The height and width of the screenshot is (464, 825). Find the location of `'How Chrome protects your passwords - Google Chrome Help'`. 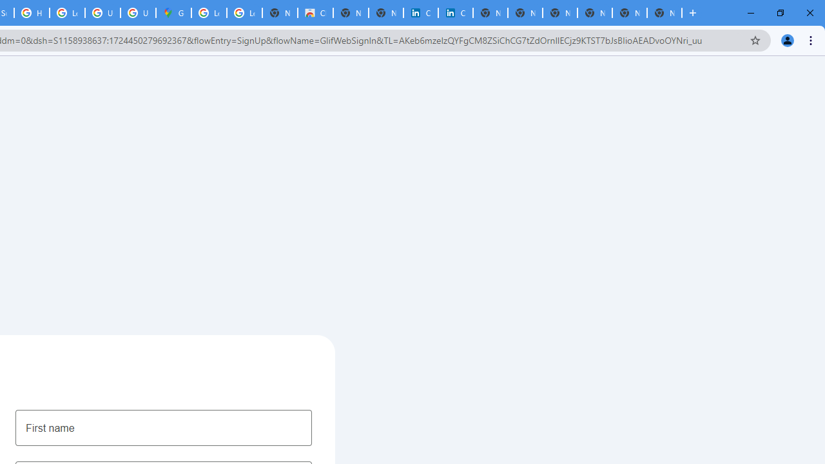

'How Chrome protects your passwords - Google Chrome Help' is located at coordinates (32, 13).